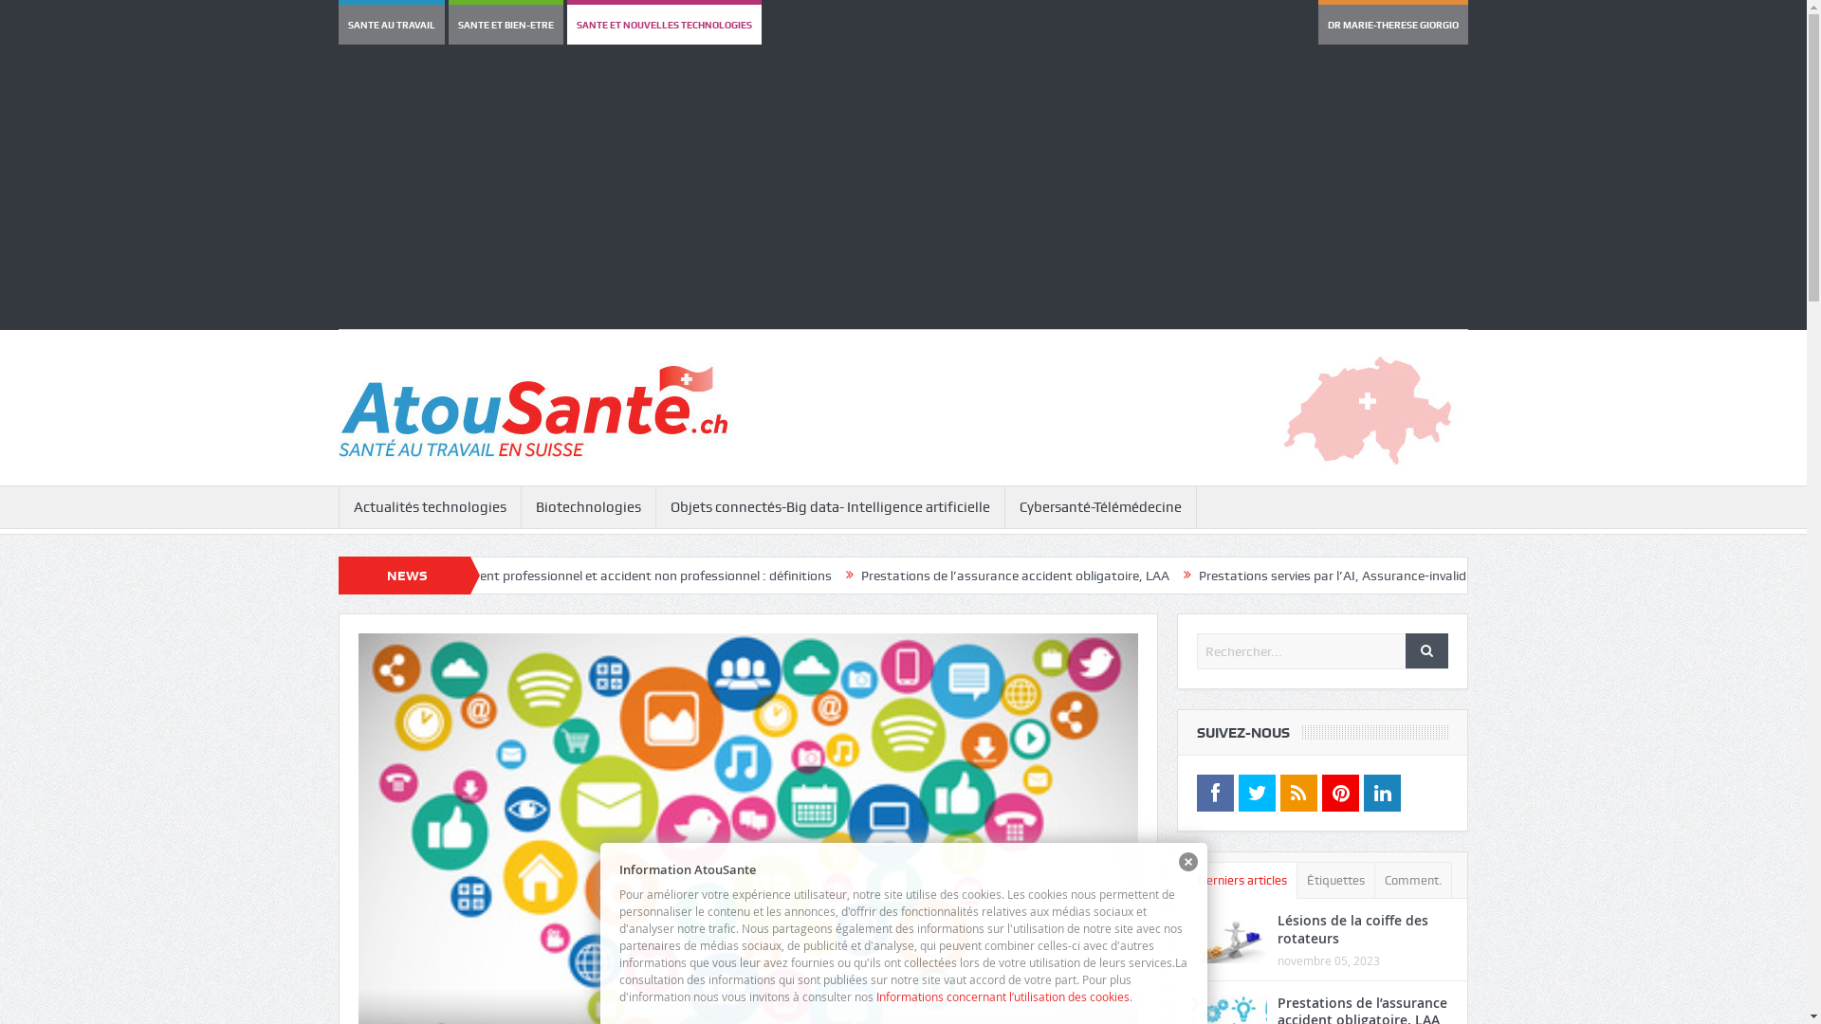  Describe the element at coordinates (506, 25) in the screenshot. I see `'SANTE ET BIEN-ETRE'` at that location.